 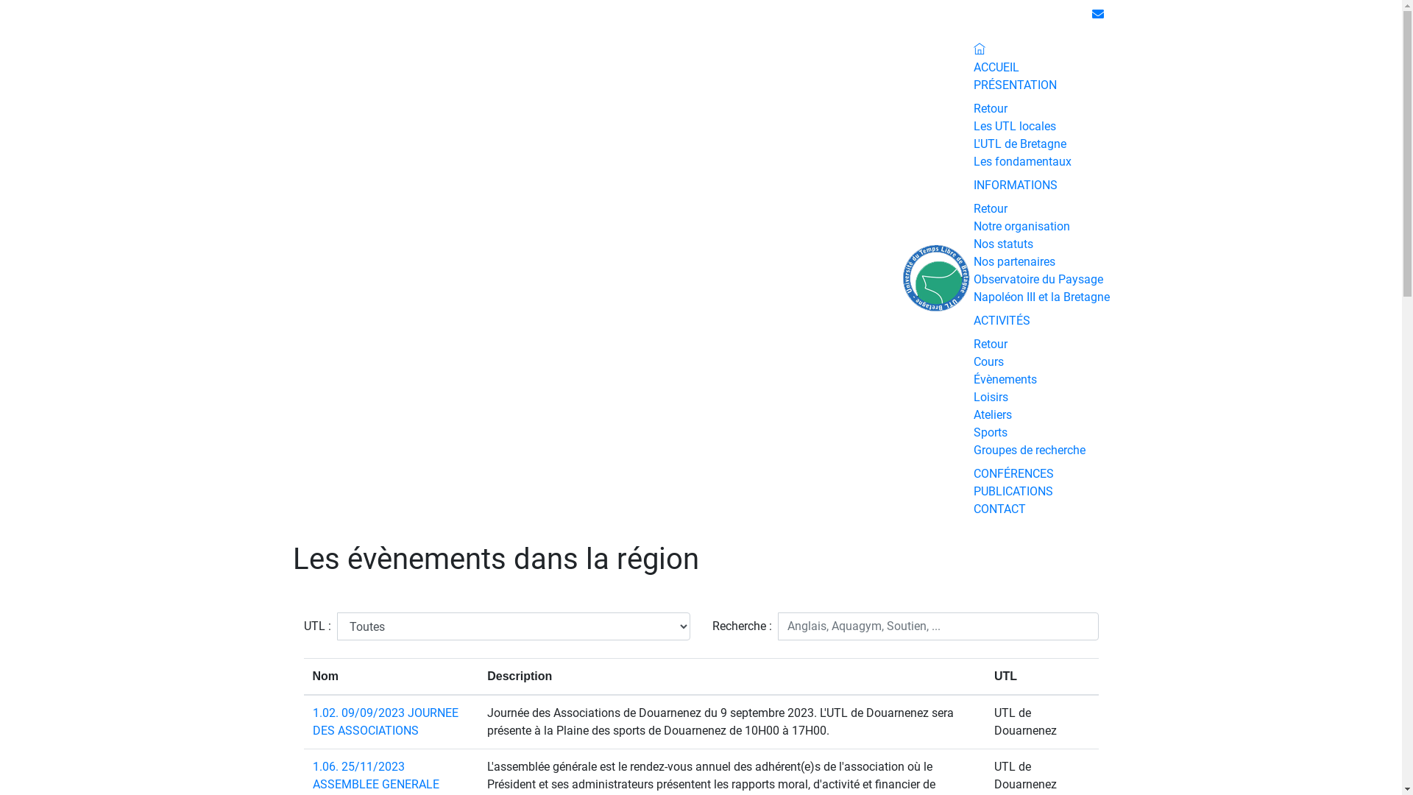 I want to click on 'Les fondamentaux', so click(x=972, y=161).